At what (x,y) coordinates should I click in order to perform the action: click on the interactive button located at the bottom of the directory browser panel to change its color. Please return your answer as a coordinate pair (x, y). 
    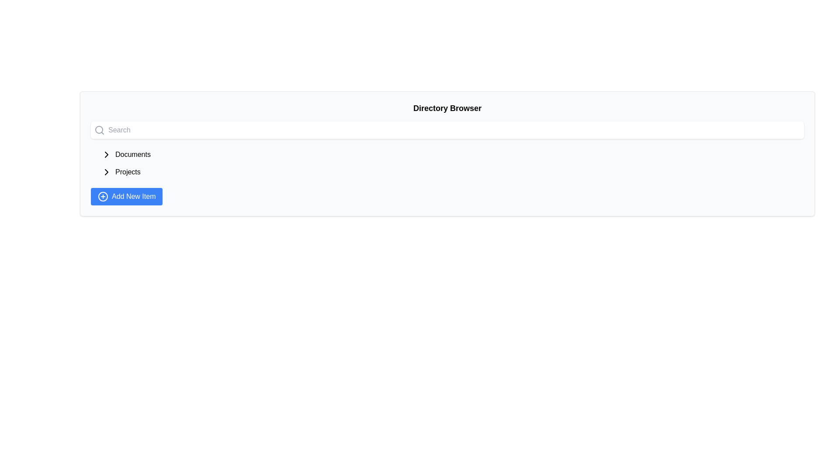
    Looking at the image, I should click on (126, 197).